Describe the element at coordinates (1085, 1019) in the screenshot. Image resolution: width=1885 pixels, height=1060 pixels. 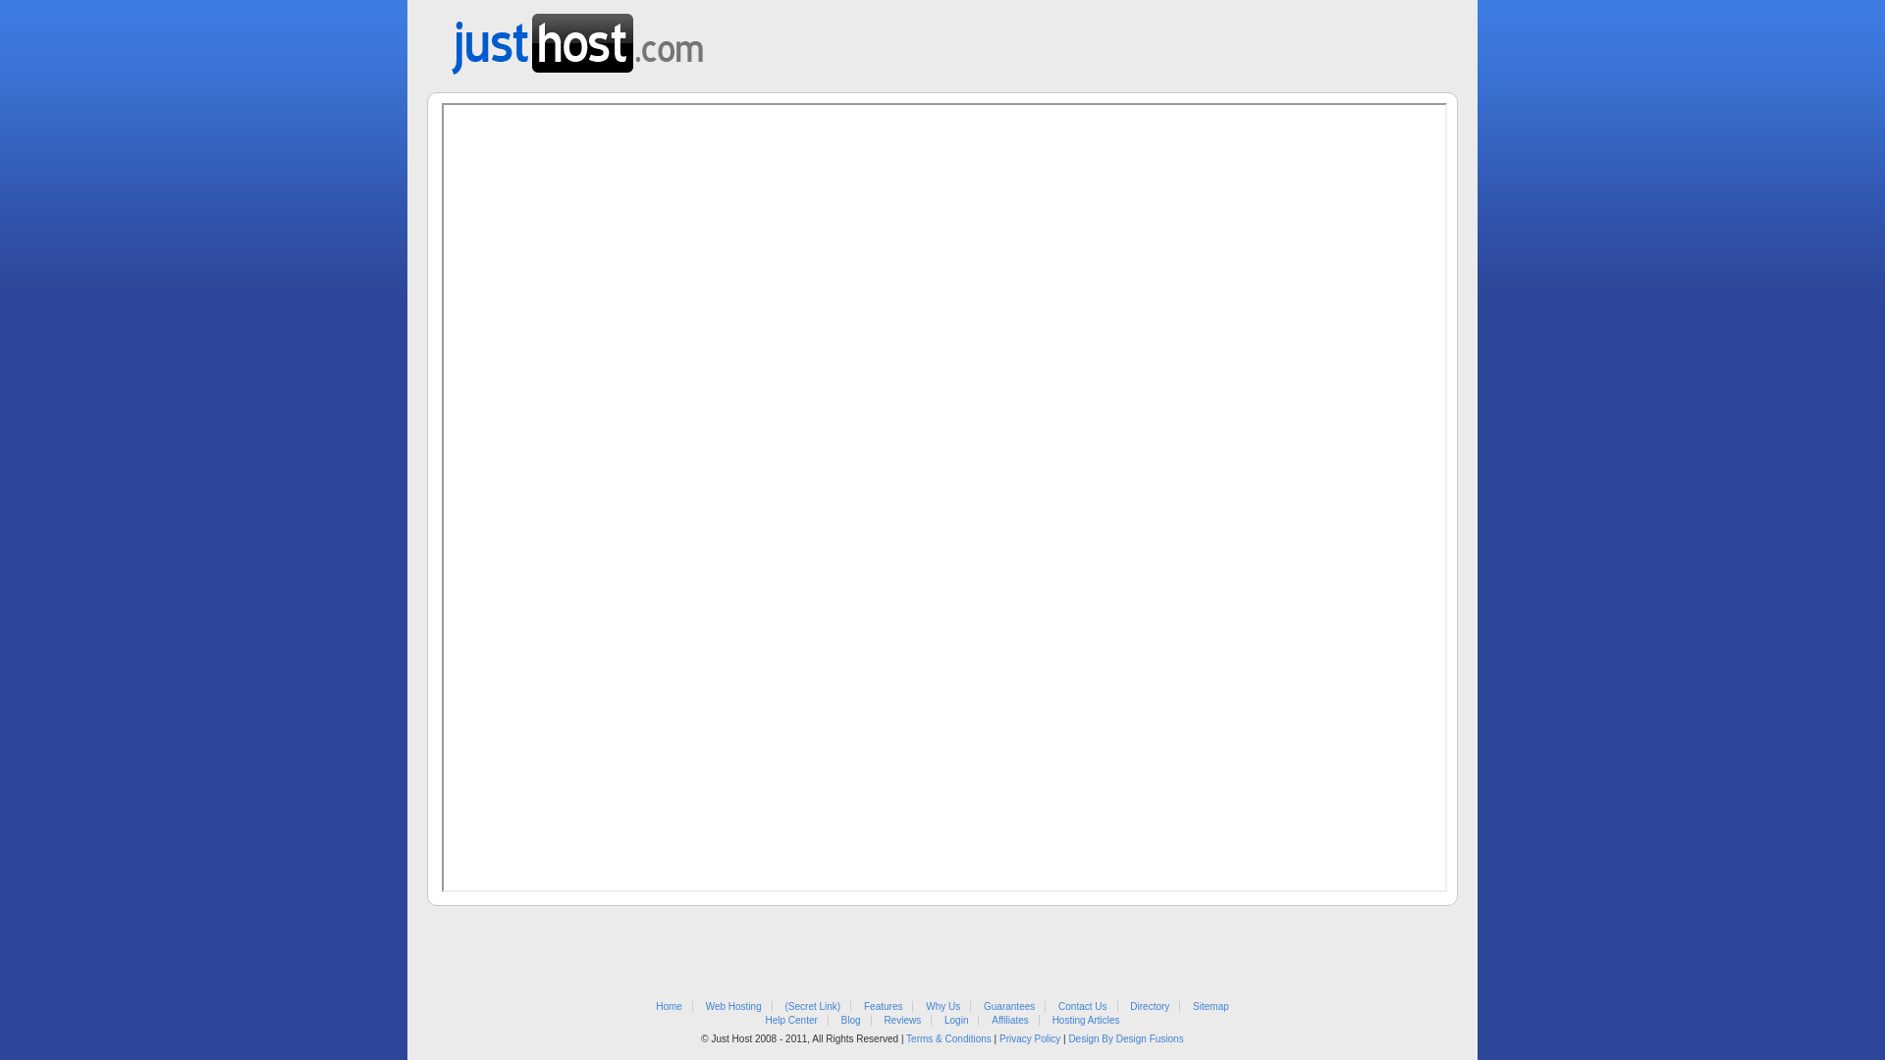
I see `'Hosting Articles'` at that location.